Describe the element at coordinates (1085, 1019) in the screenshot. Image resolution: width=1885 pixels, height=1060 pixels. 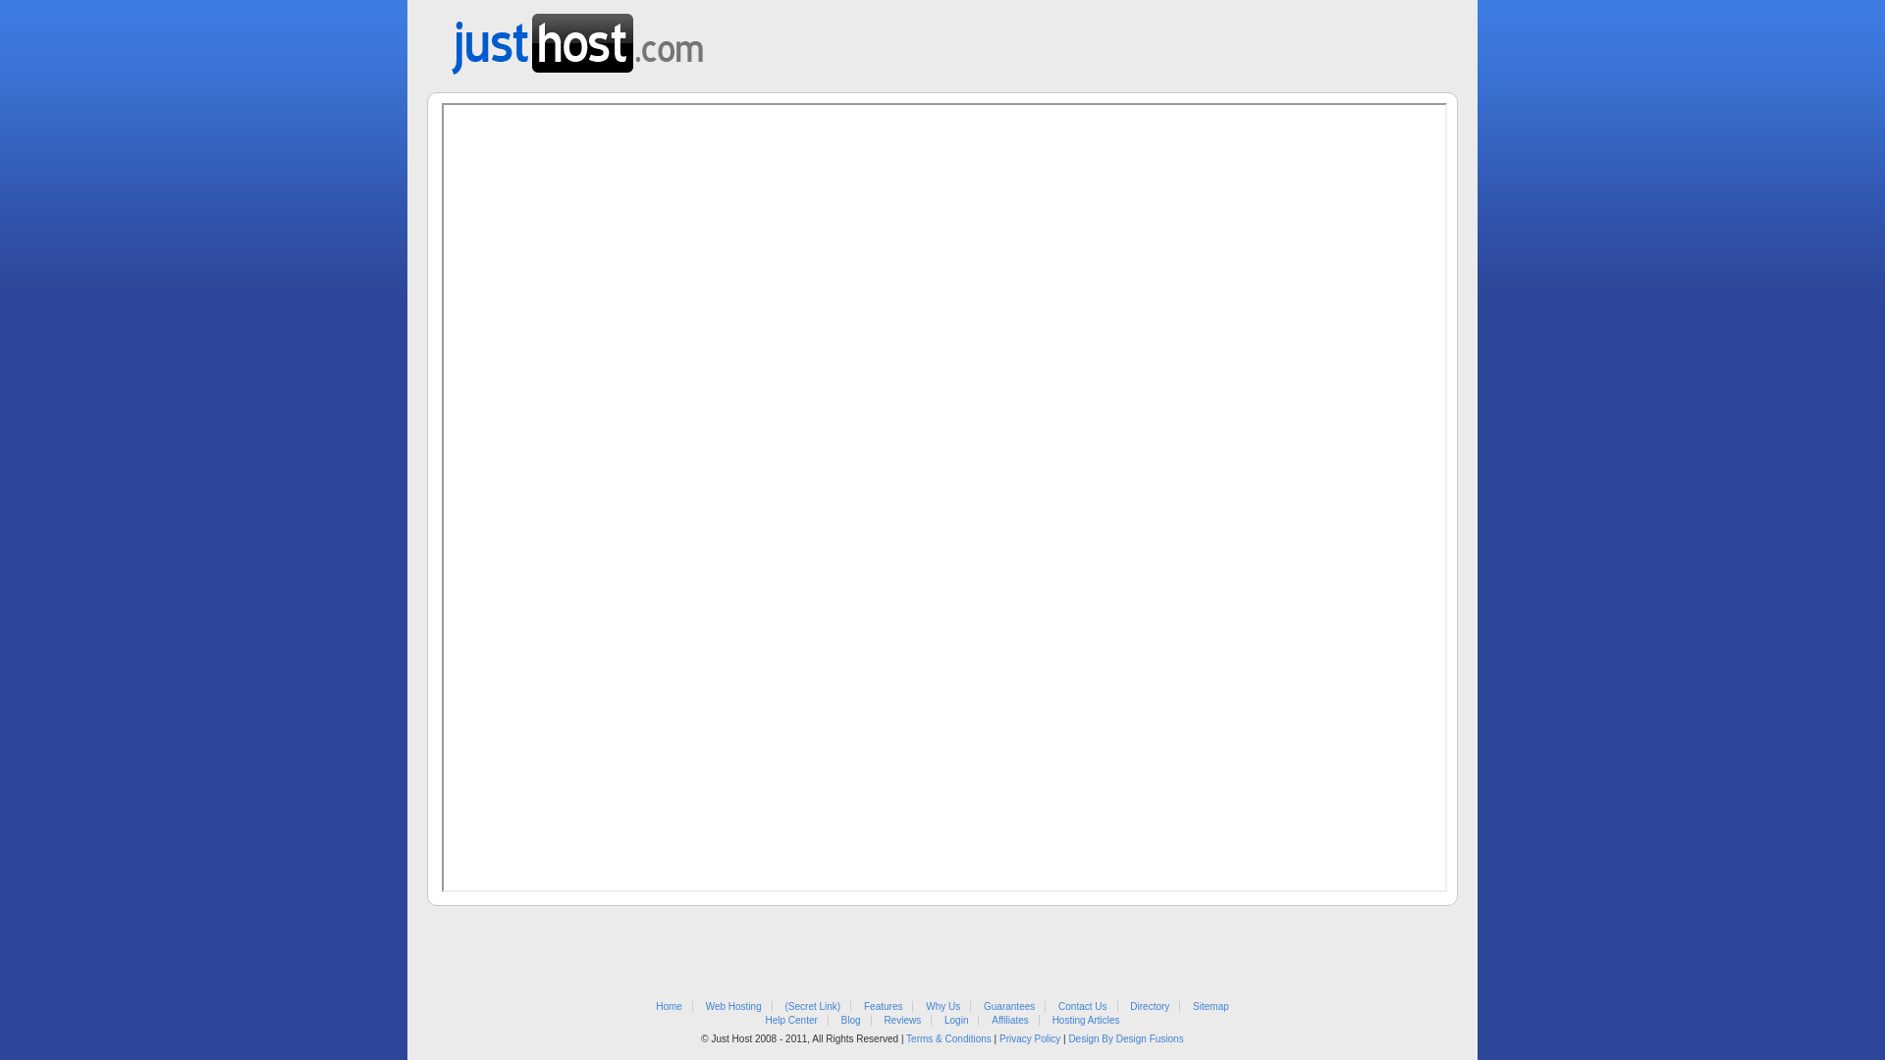
I see `'Hosting Articles'` at that location.